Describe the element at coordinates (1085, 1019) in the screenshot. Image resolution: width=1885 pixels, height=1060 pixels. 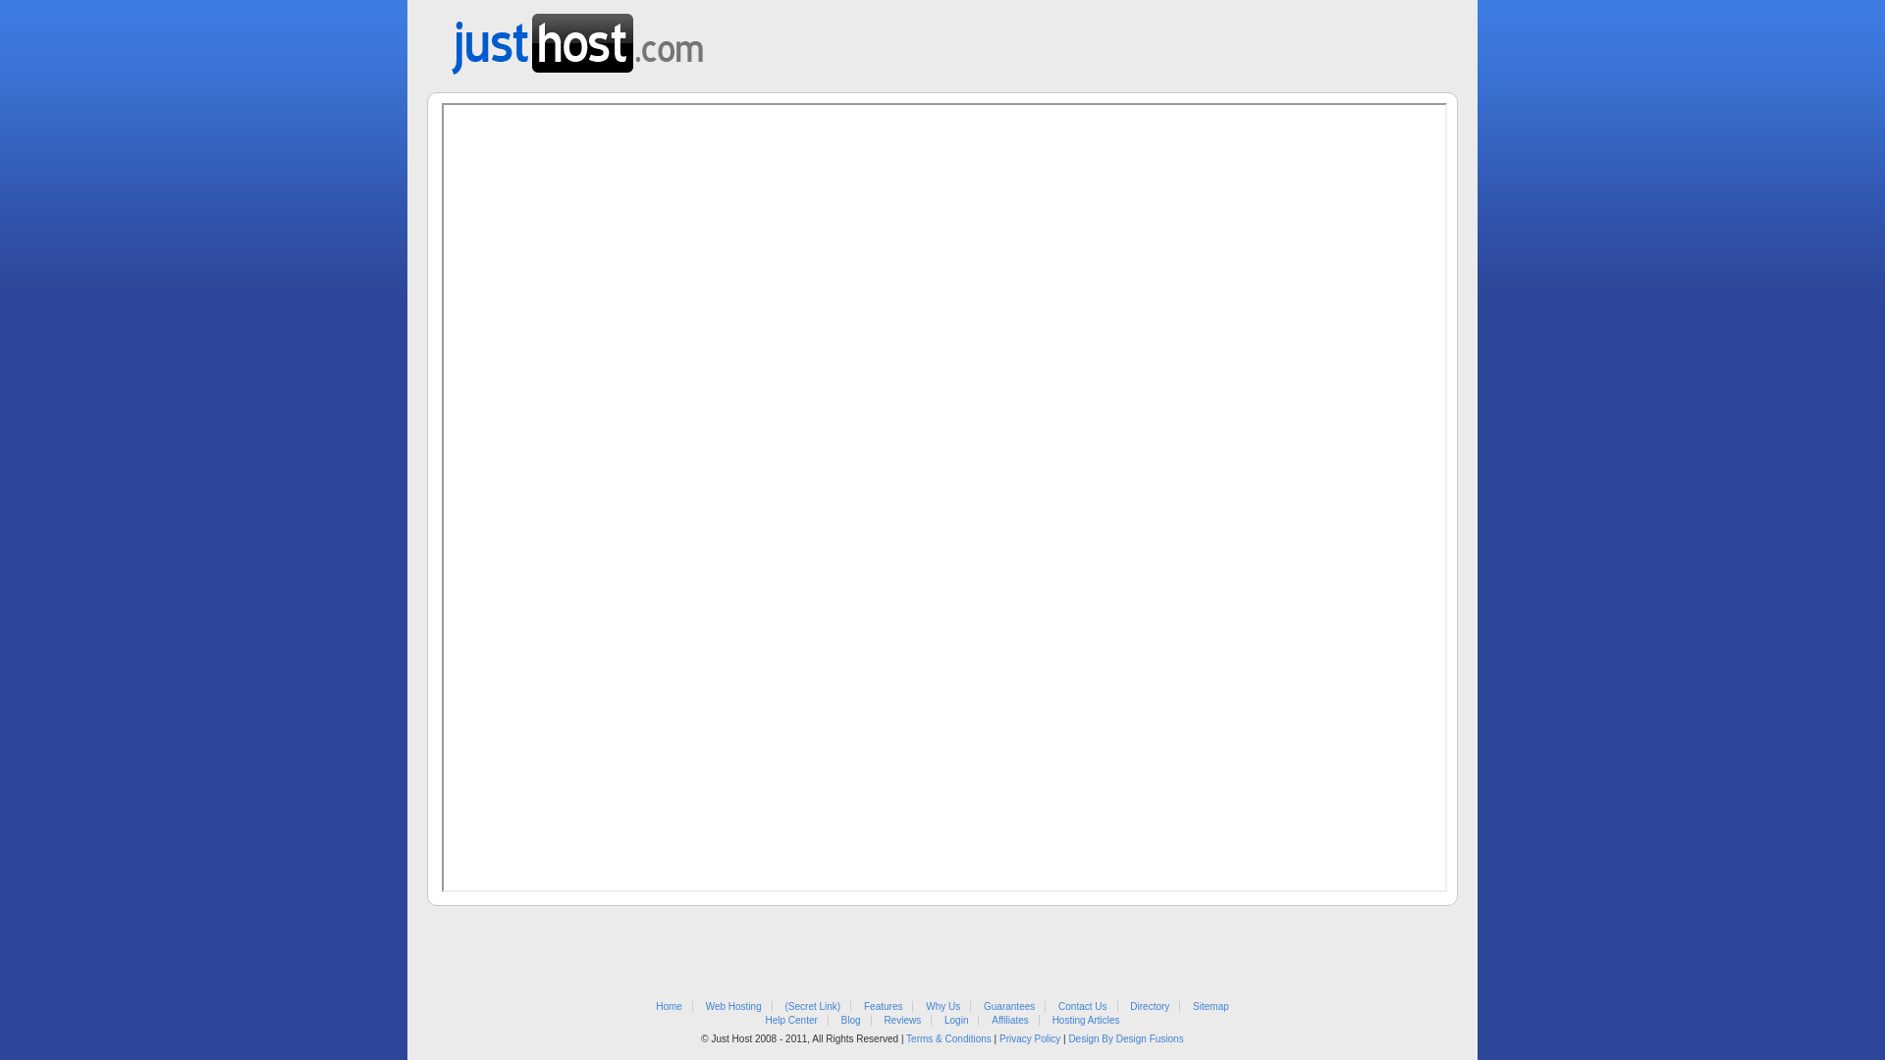
I see `'Hosting Articles'` at that location.